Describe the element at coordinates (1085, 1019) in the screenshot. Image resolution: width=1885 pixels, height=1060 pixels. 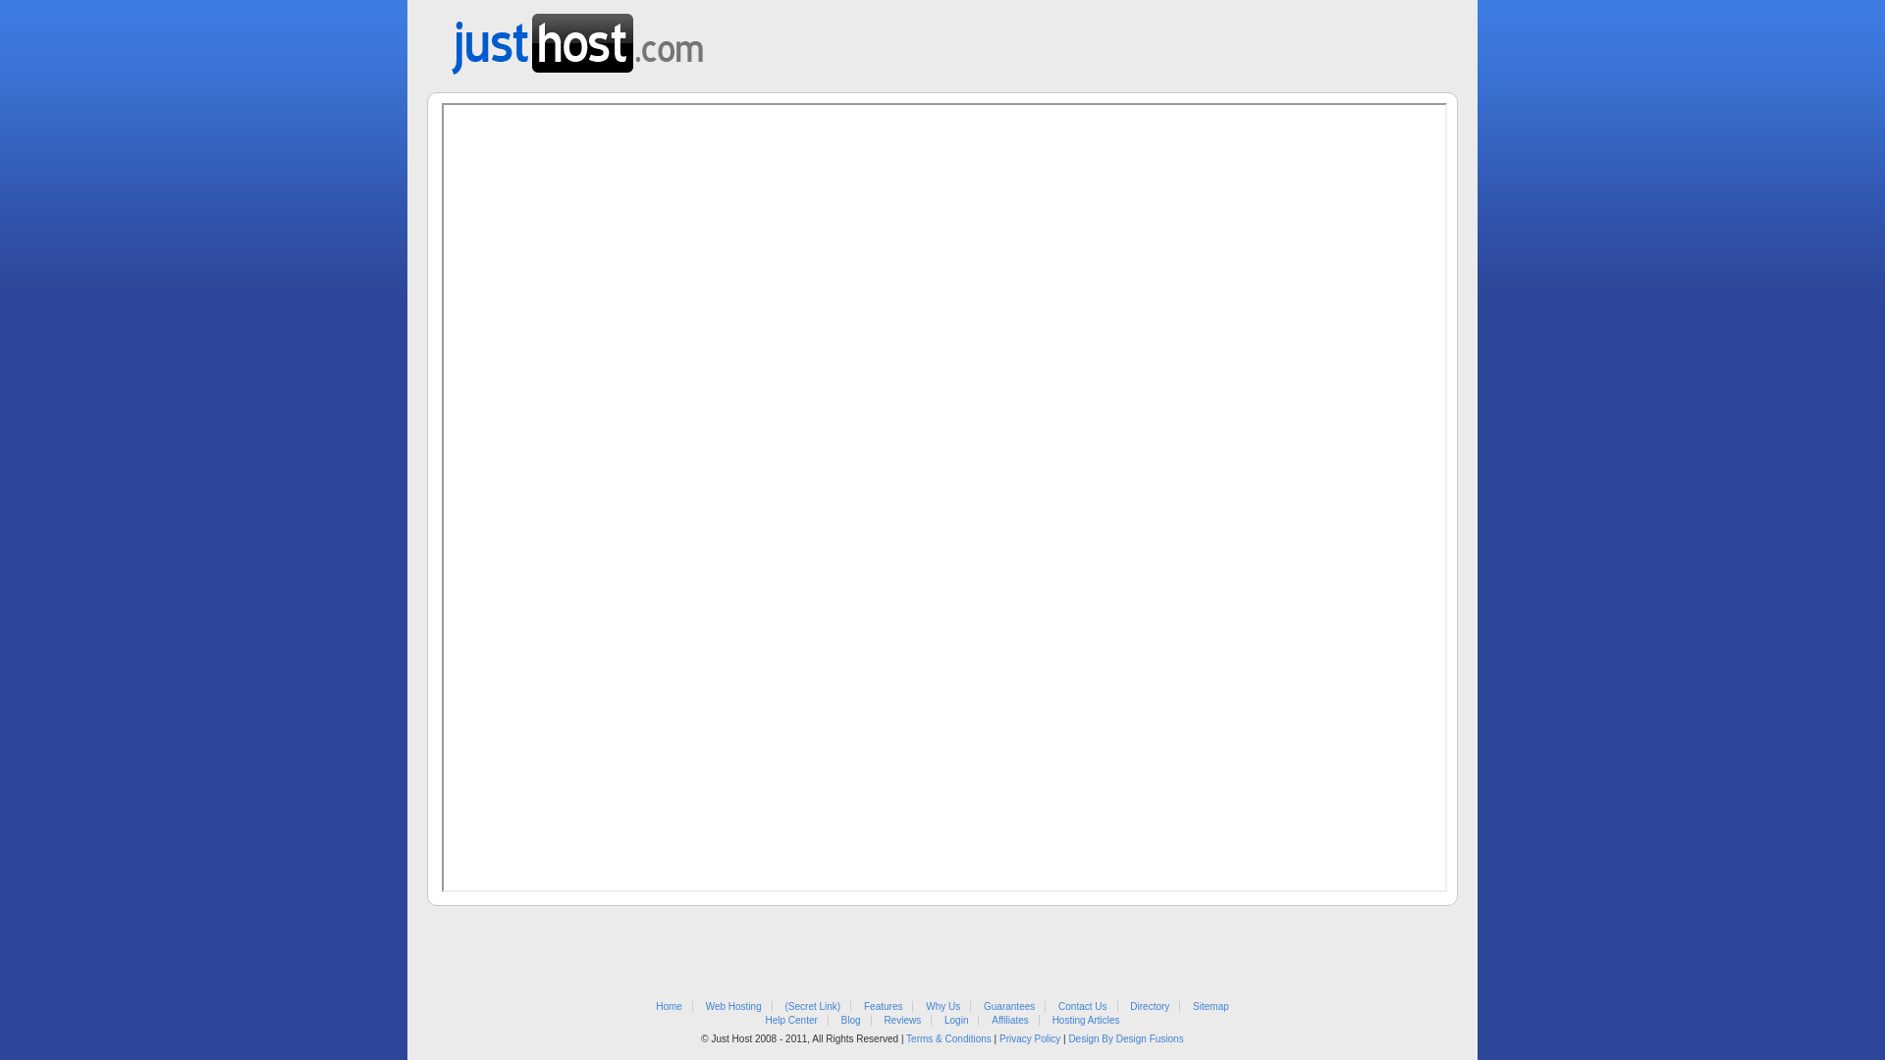
I see `'Hosting Articles'` at that location.